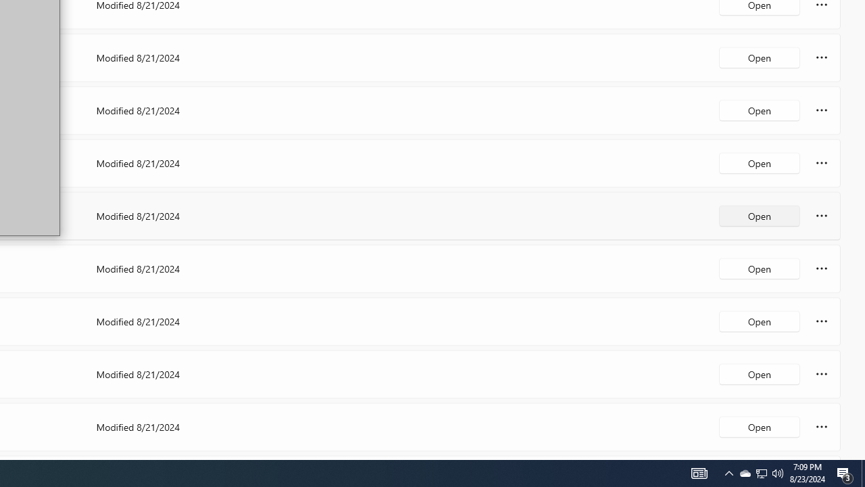  I want to click on 'Notification Chevron', so click(699, 472).